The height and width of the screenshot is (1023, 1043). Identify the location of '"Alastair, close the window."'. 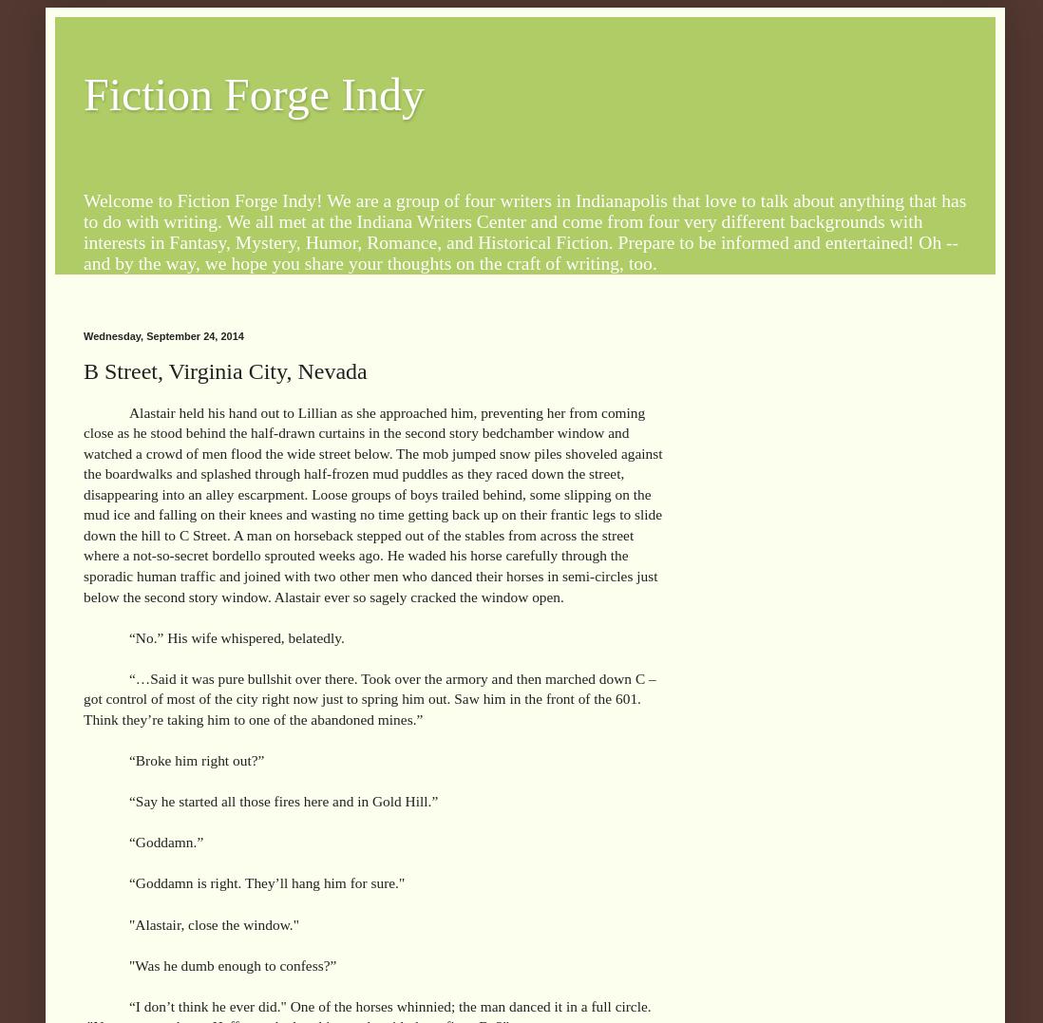
(212, 923).